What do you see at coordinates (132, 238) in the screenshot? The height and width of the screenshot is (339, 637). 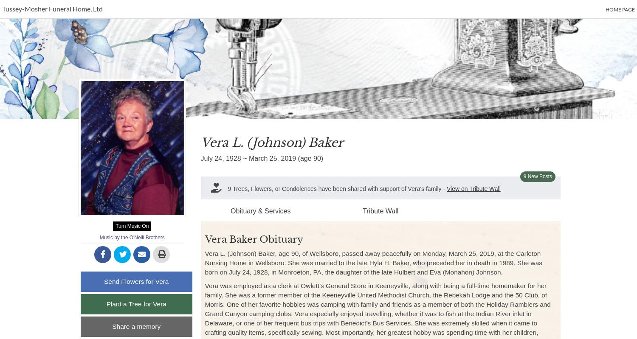 I see `'Music by the O'Neill Brothers'` at bounding box center [132, 238].